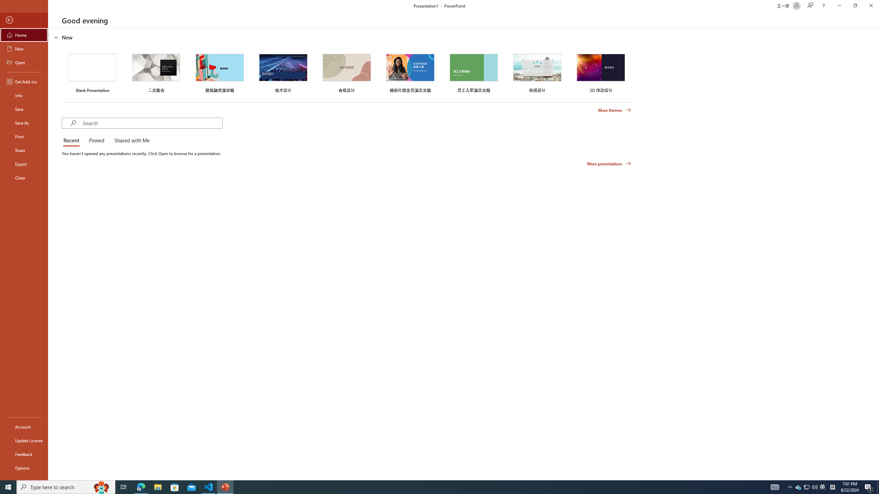  I want to click on 'Close', so click(24, 177).